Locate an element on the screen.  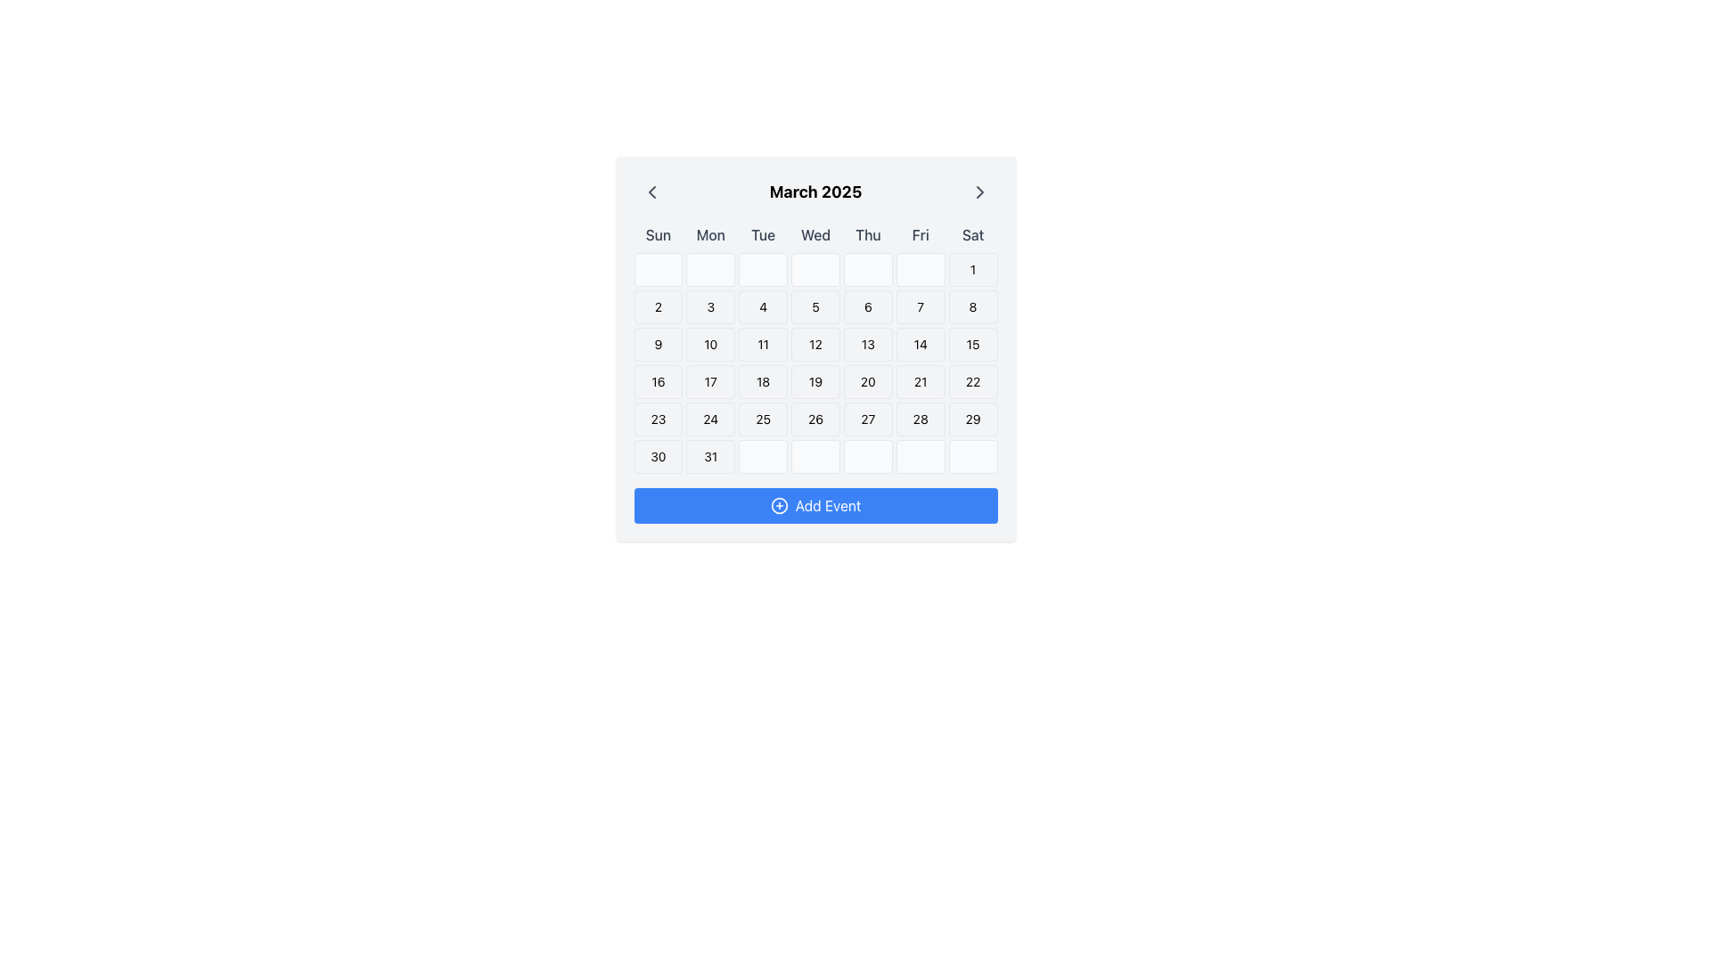
the Calendar grid cell located in the first row, fourth position from the left, styled with a light gray background and faint border is located at coordinates (815, 270).